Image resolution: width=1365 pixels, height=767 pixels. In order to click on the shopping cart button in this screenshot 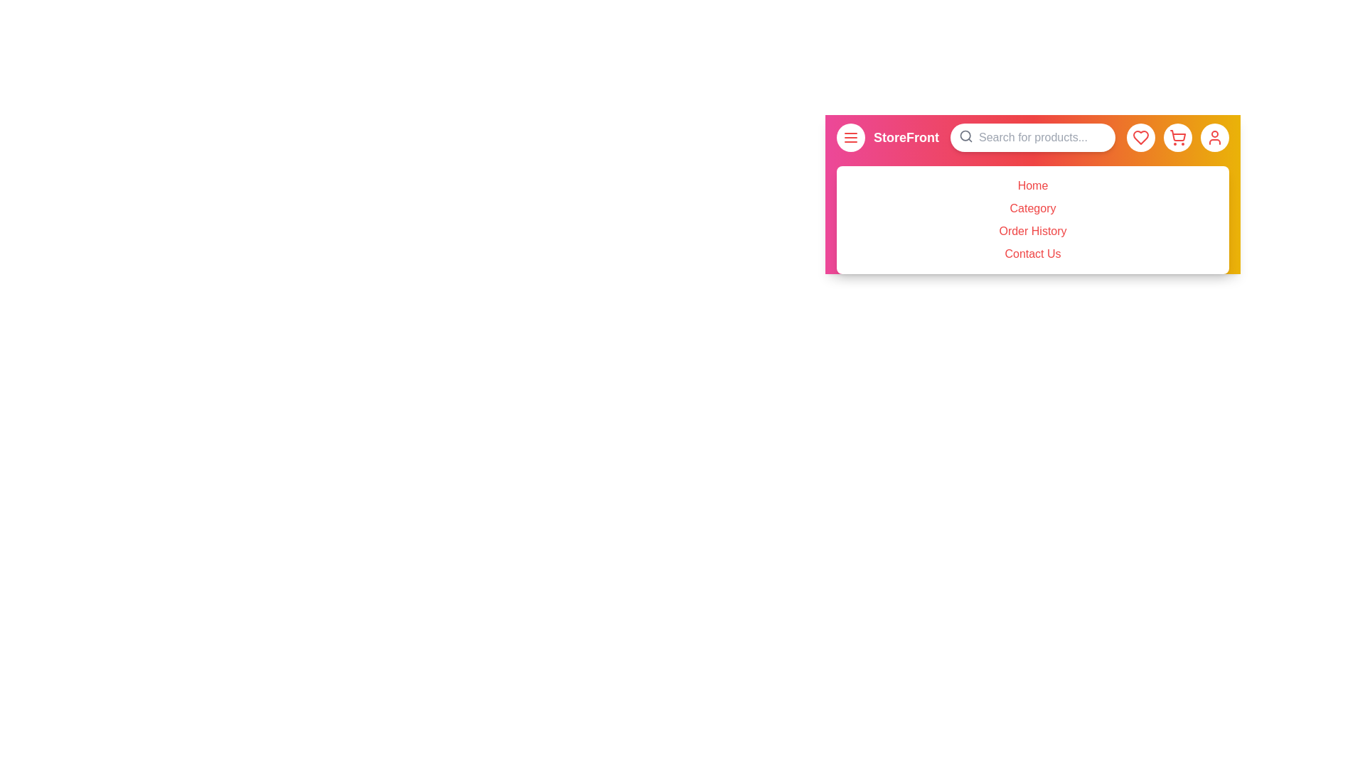, I will do `click(1177, 137)`.